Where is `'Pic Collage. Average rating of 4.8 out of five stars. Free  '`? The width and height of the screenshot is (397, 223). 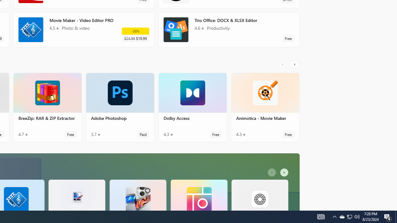 'Pic Collage. Average rating of 4.8 out of five stars. Free  ' is located at coordinates (199, 195).